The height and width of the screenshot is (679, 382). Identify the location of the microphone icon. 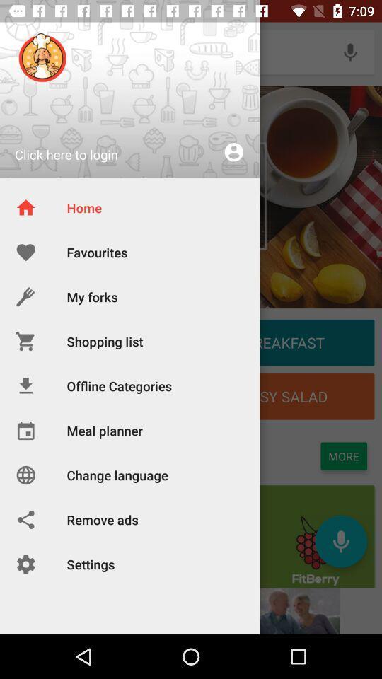
(349, 52).